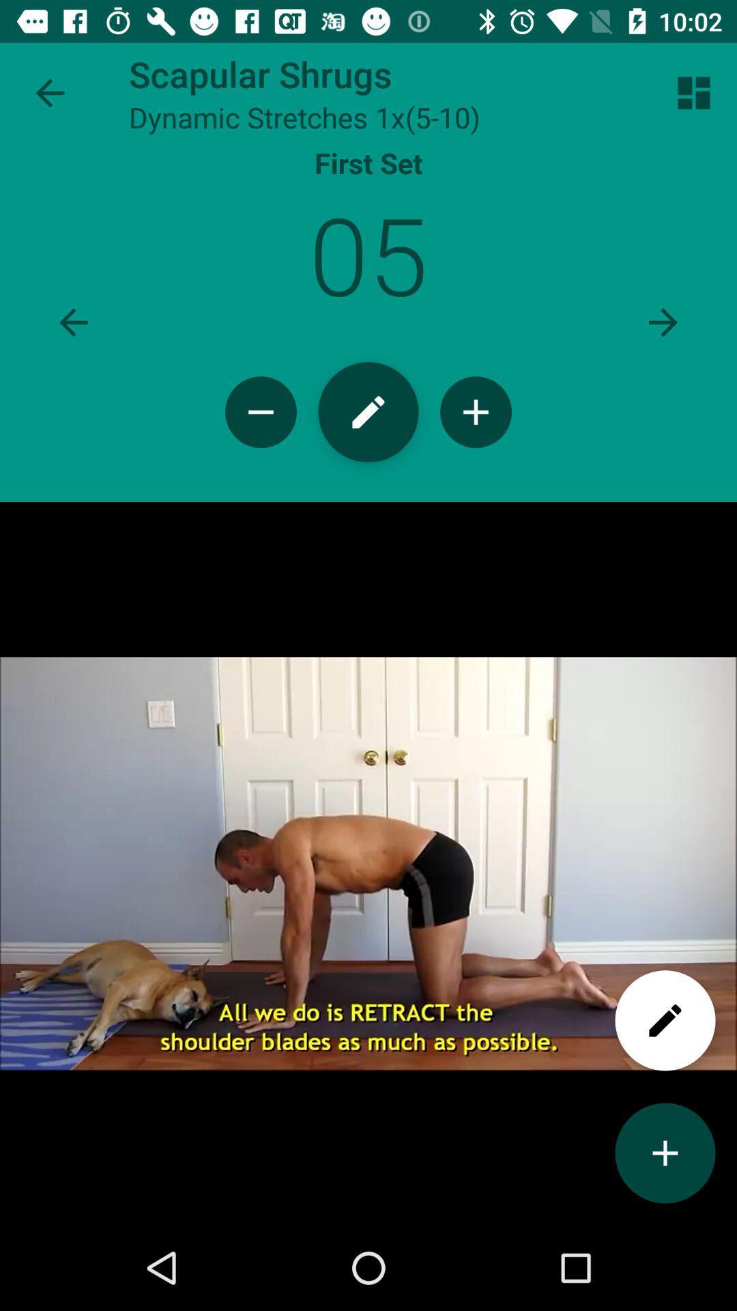 This screenshot has height=1311, width=737. What do you see at coordinates (369, 411) in the screenshot?
I see `the edit option at centre` at bounding box center [369, 411].